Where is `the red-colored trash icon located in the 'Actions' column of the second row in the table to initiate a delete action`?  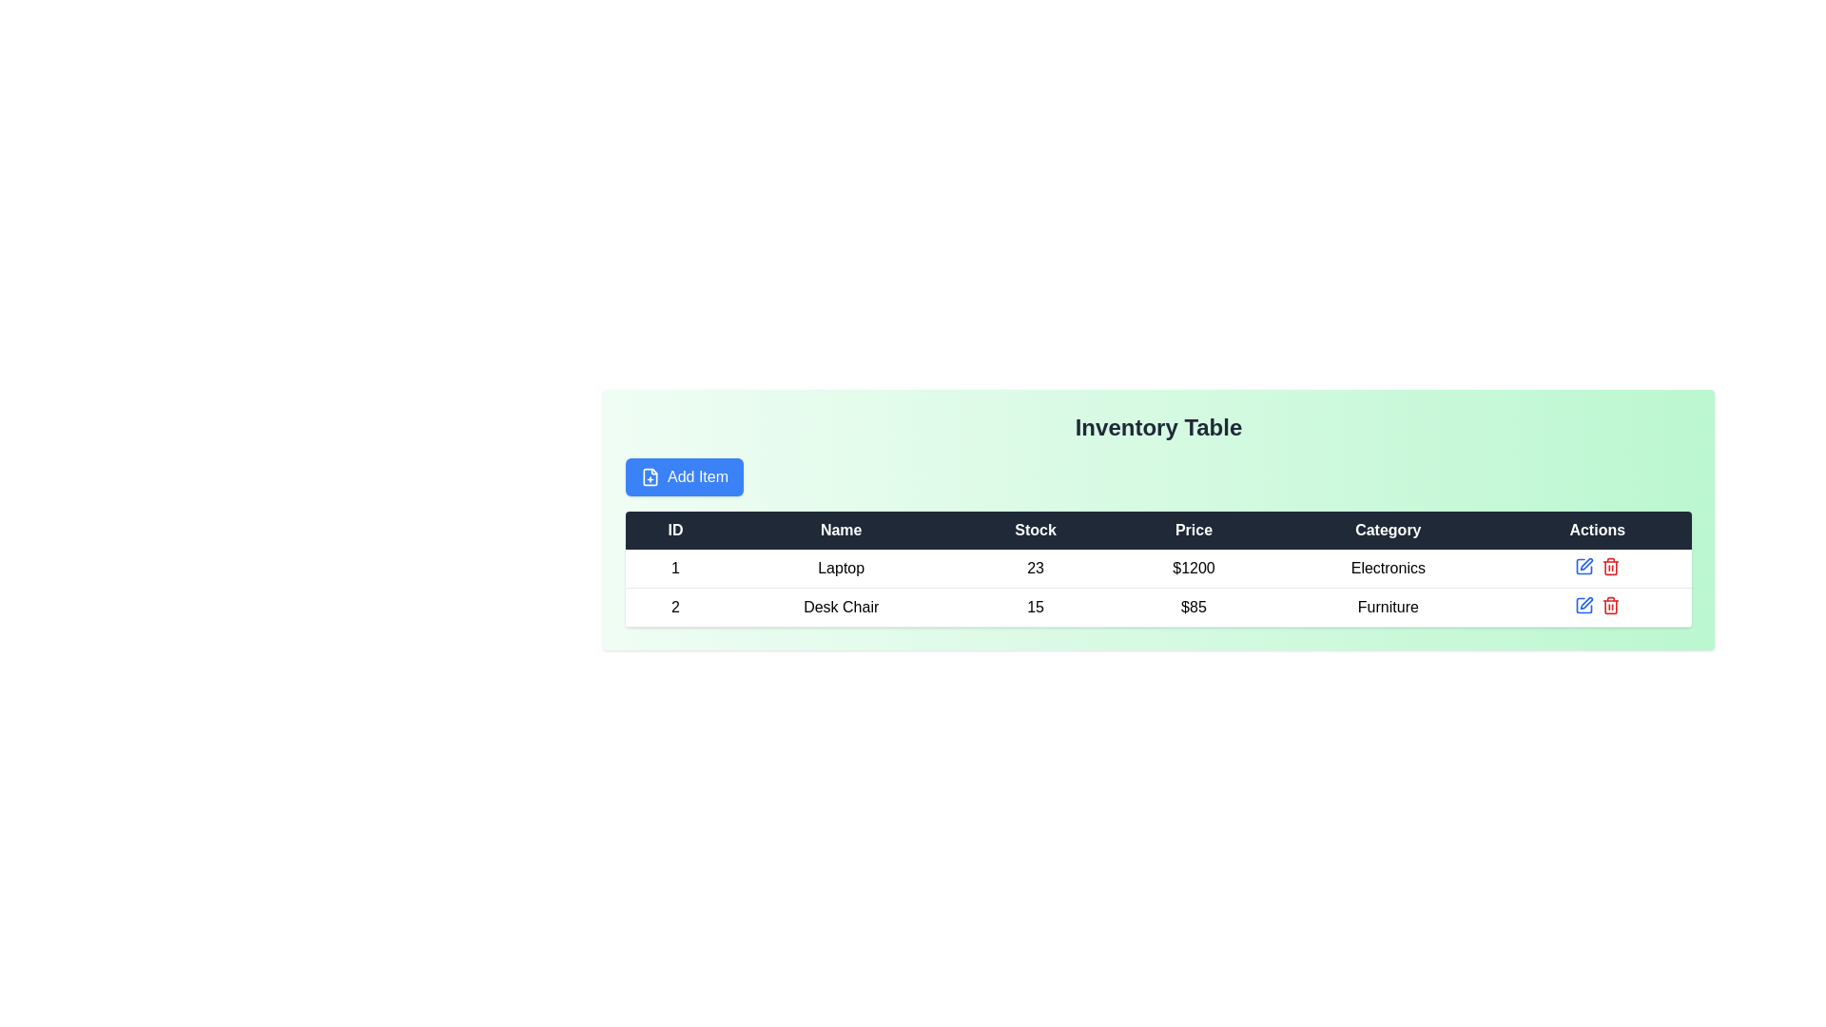
the red-colored trash icon located in the 'Actions' column of the second row in the table to initiate a delete action is located at coordinates (1609, 566).